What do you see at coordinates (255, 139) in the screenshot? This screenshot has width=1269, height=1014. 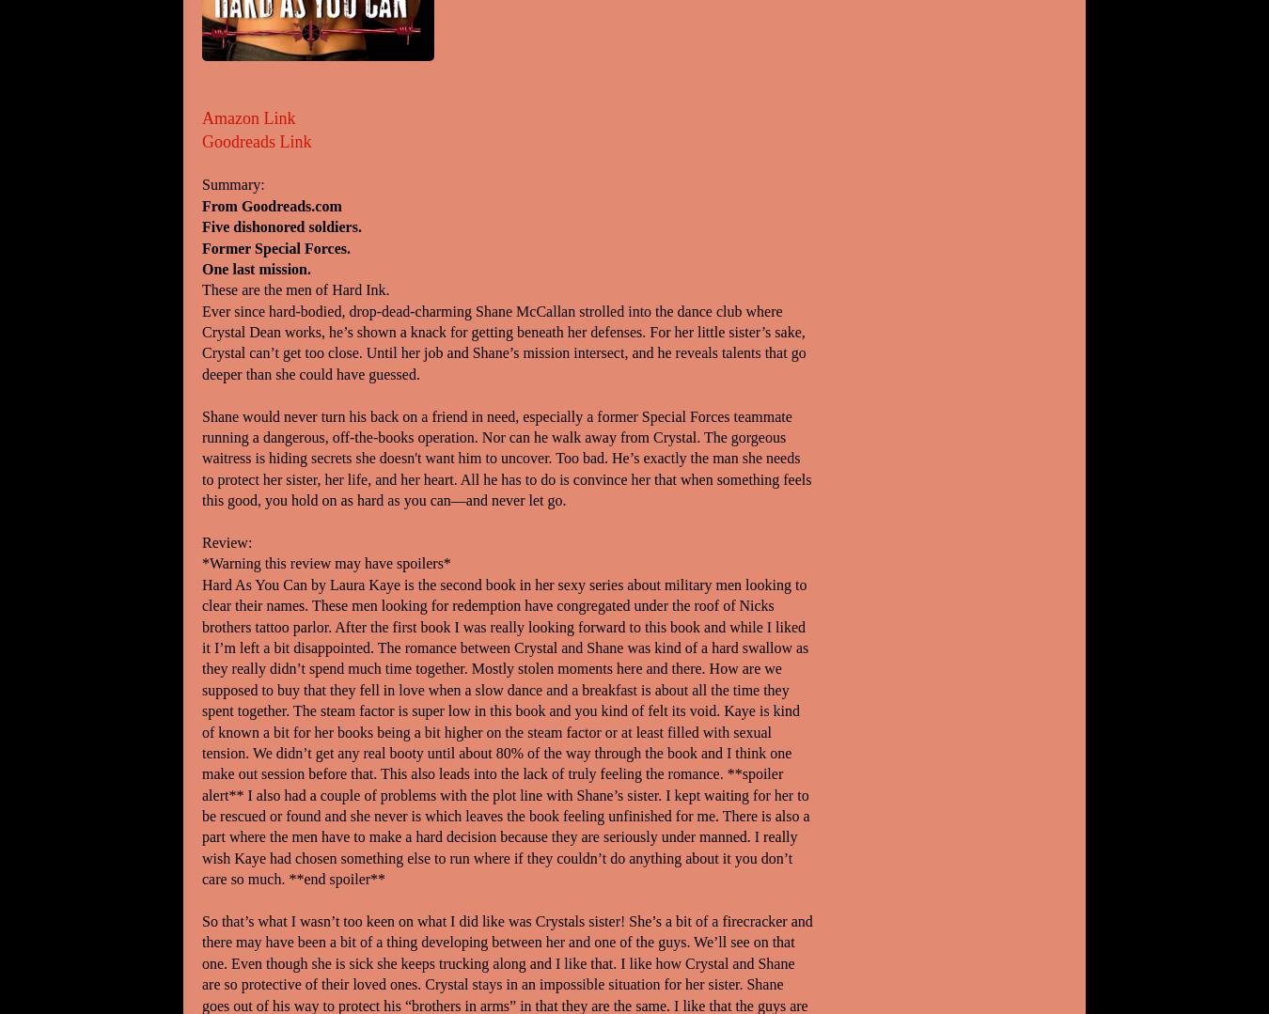 I see `'Goodreads Link'` at bounding box center [255, 139].